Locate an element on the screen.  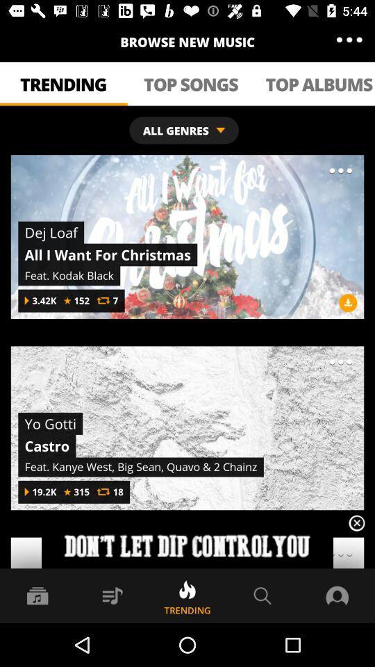
item to the right of the feat. kodak black is located at coordinates (347, 302).